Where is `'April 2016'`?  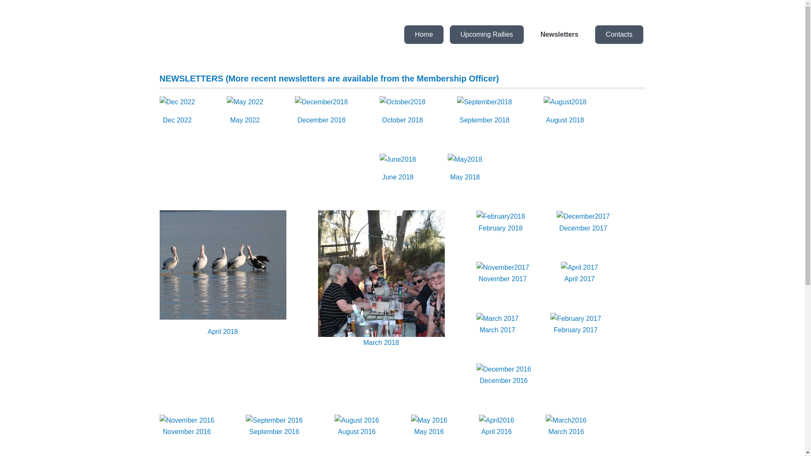
'April 2016' is located at coordinates (482, 432).